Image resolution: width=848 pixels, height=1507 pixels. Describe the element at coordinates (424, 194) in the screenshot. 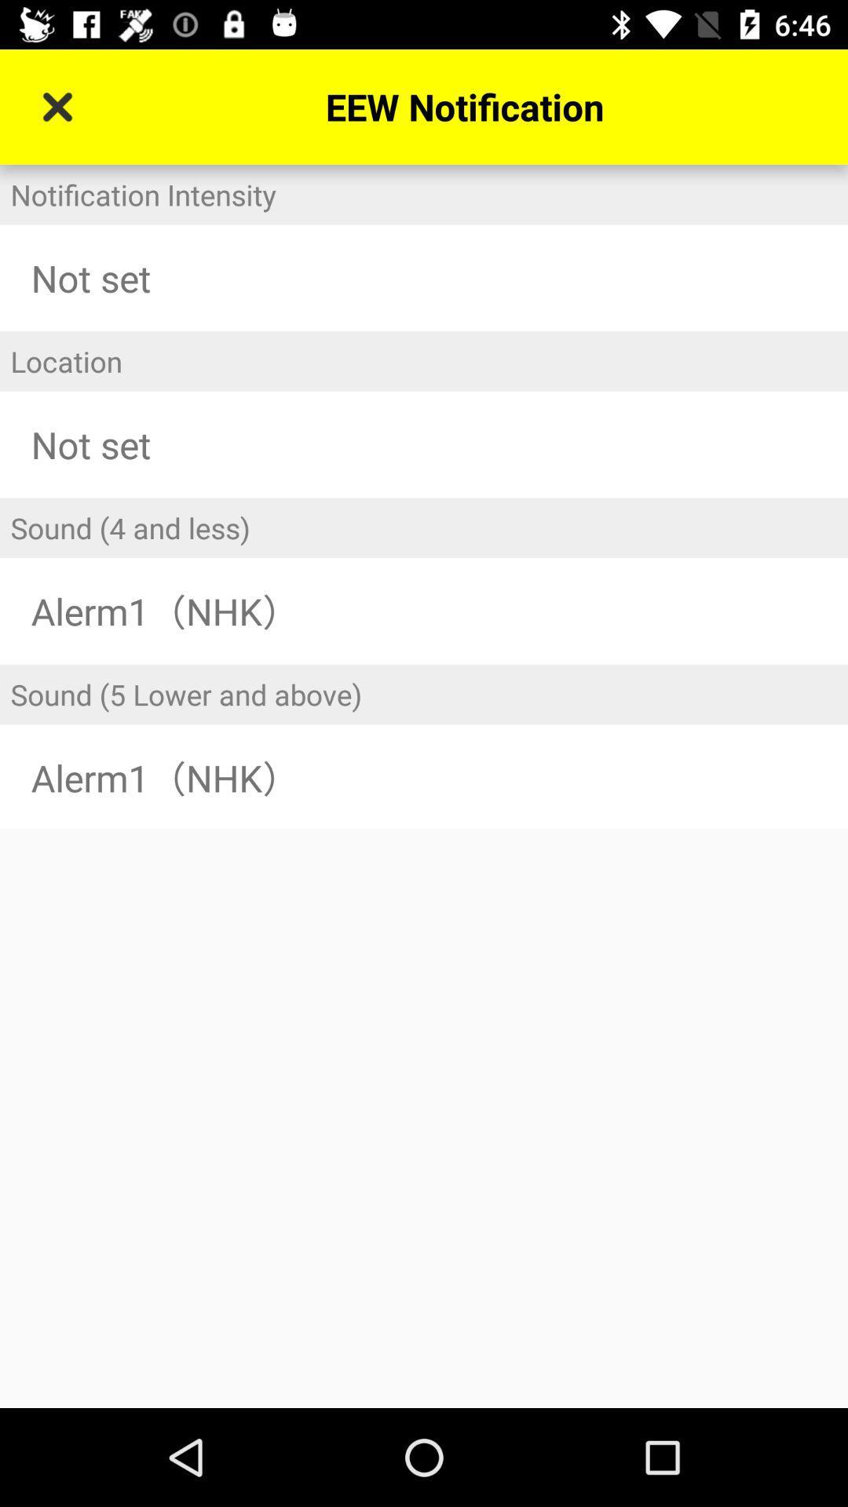

I see `notification intensity icon` at that location.